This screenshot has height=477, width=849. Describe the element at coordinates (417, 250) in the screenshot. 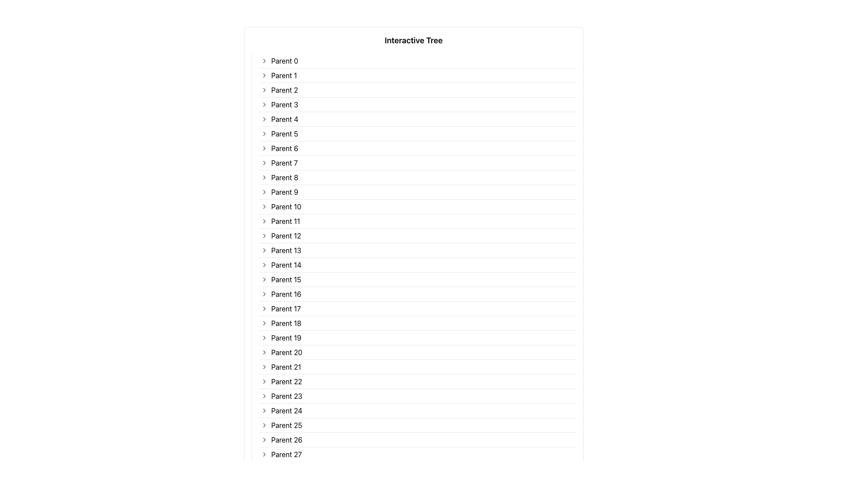

I see `the thirteenth list item in the tree view that represents a hierarchical level, allowing interaction to expand or collapse its children` at that location.